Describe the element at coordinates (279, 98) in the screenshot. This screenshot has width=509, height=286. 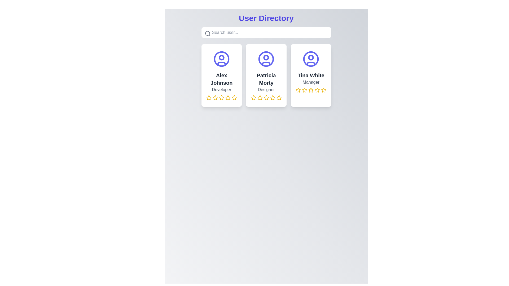
I see `the fifth star icon from the left in the rating stars group under the user information for 'Patricia Morty' to rate` at that location.